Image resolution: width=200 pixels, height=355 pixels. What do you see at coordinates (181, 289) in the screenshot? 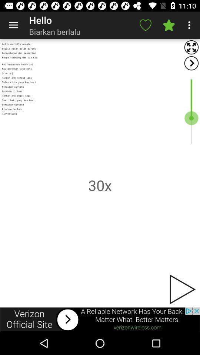
I see `button` at bounding box center [181, 289].